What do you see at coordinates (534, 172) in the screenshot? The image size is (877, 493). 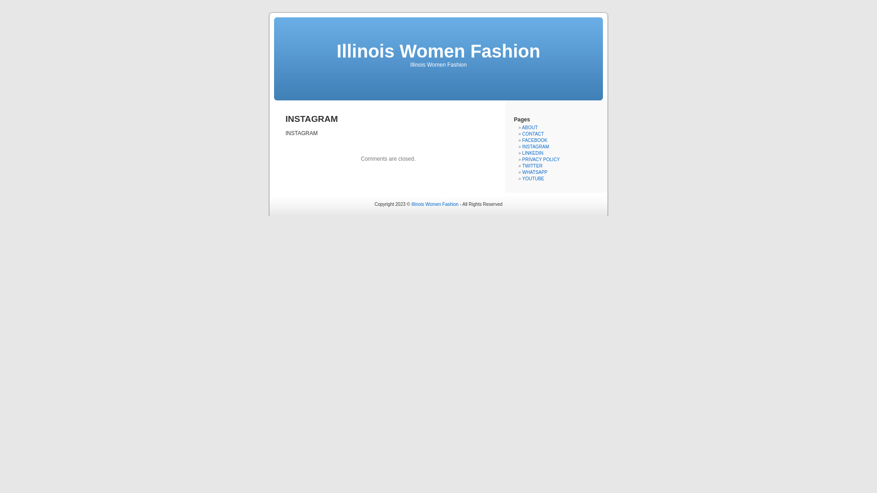 I see `'WHATSAPP'` at bounding box center [534, 172].